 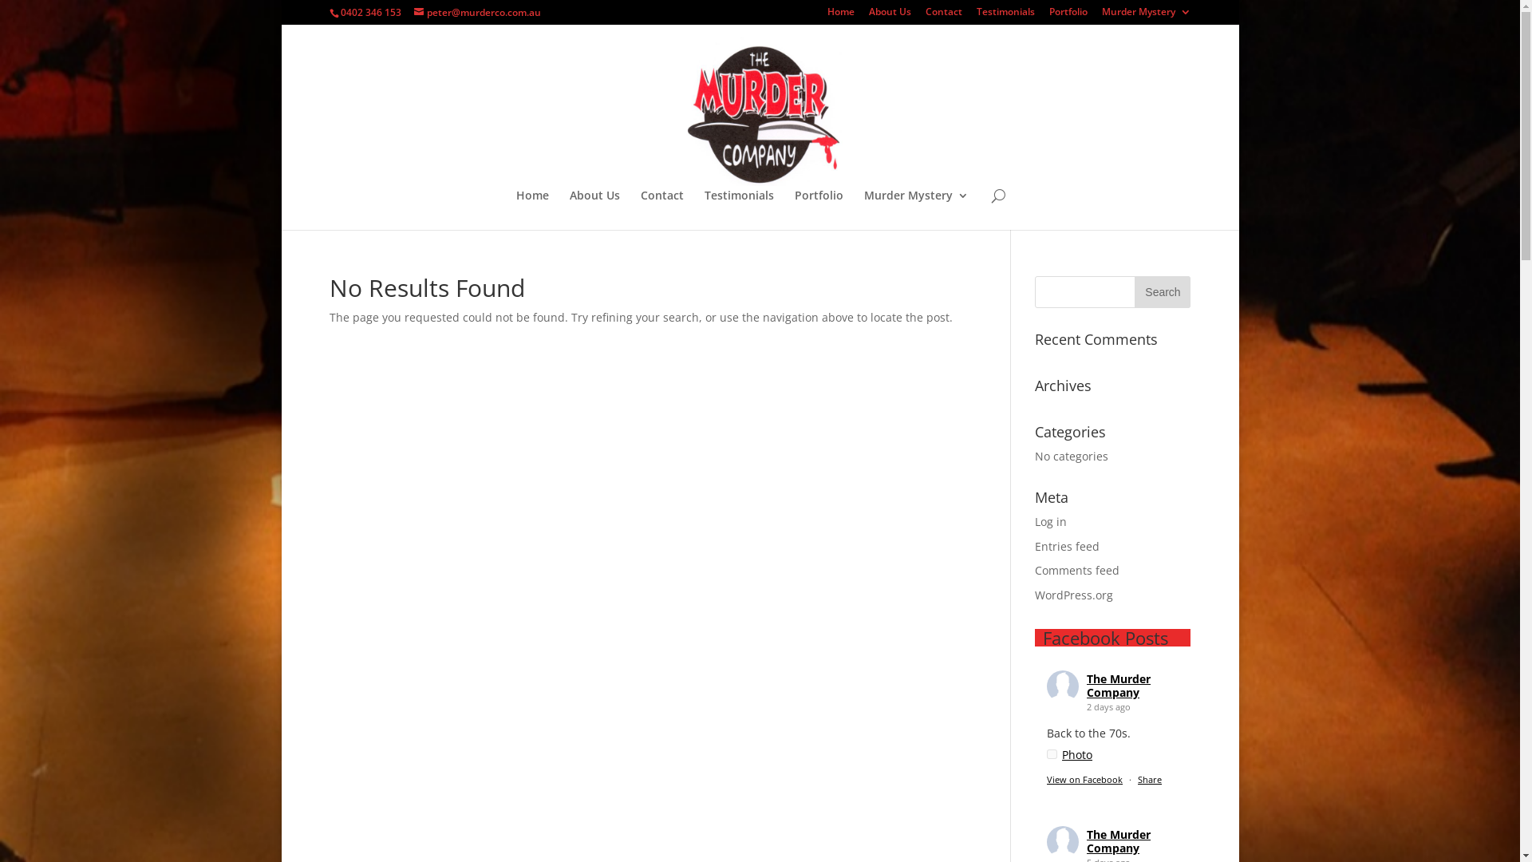 What do you see at coordinates (476, 12) in the screenshot?
I see `'peter@murderco.com.au'` at bounding box center [476, 12].